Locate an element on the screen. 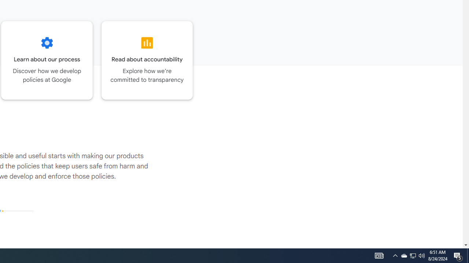  'Go to the Accountability page' is located at coordinates (147, 60).